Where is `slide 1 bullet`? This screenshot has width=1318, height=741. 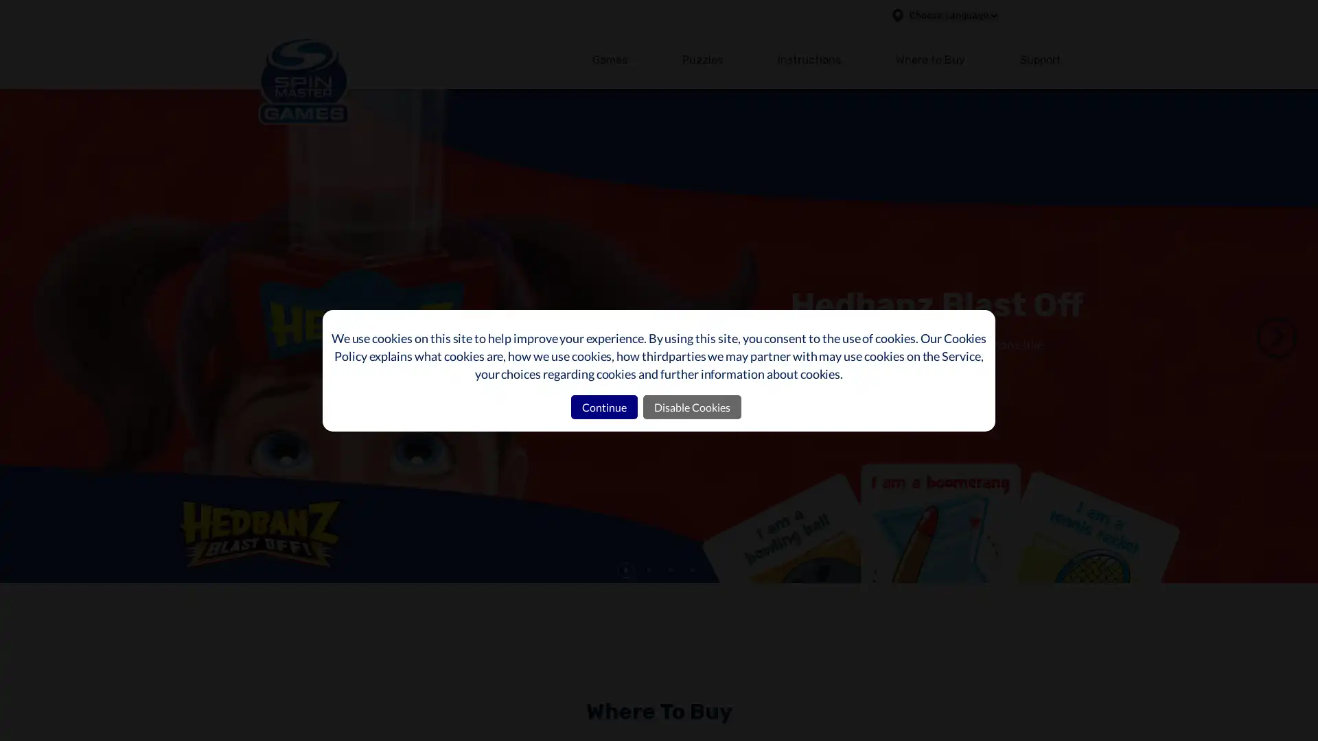
slide 1 bullet is located at coordinates (625, 569).